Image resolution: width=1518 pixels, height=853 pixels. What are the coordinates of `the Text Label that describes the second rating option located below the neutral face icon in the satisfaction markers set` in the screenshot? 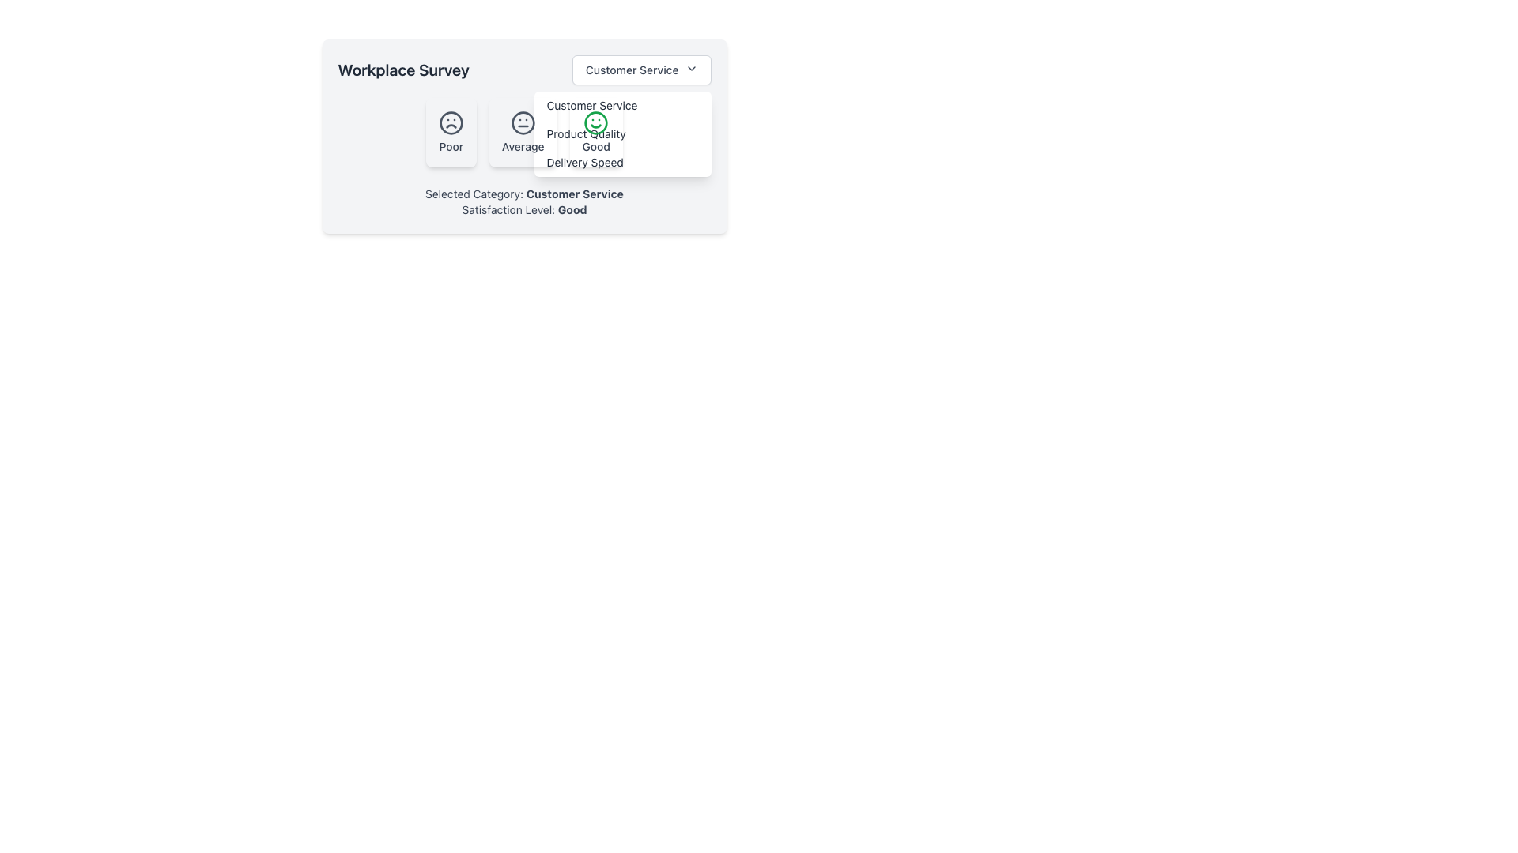 It's located at (523, 146).